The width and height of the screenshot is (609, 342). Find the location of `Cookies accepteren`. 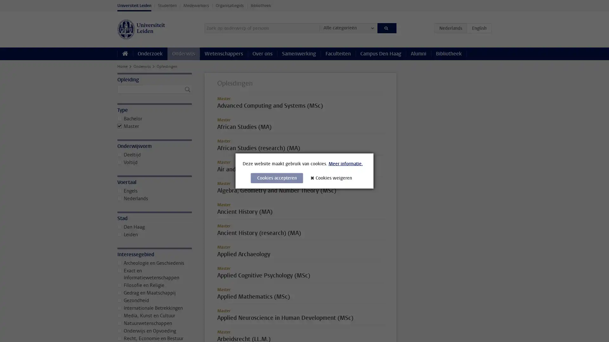

Cookies accepteren is located at coordinates (277, 178).